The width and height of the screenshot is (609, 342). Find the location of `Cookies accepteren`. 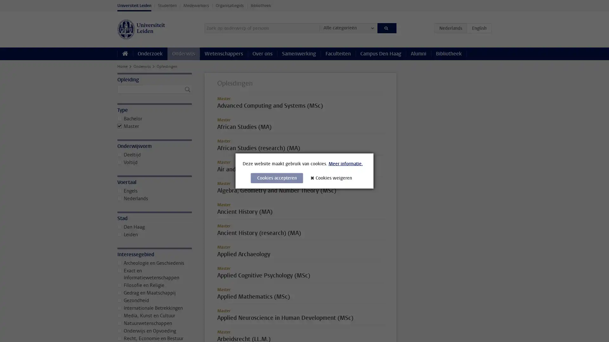

Cookies accepteren is located at coordinates (277, 178).